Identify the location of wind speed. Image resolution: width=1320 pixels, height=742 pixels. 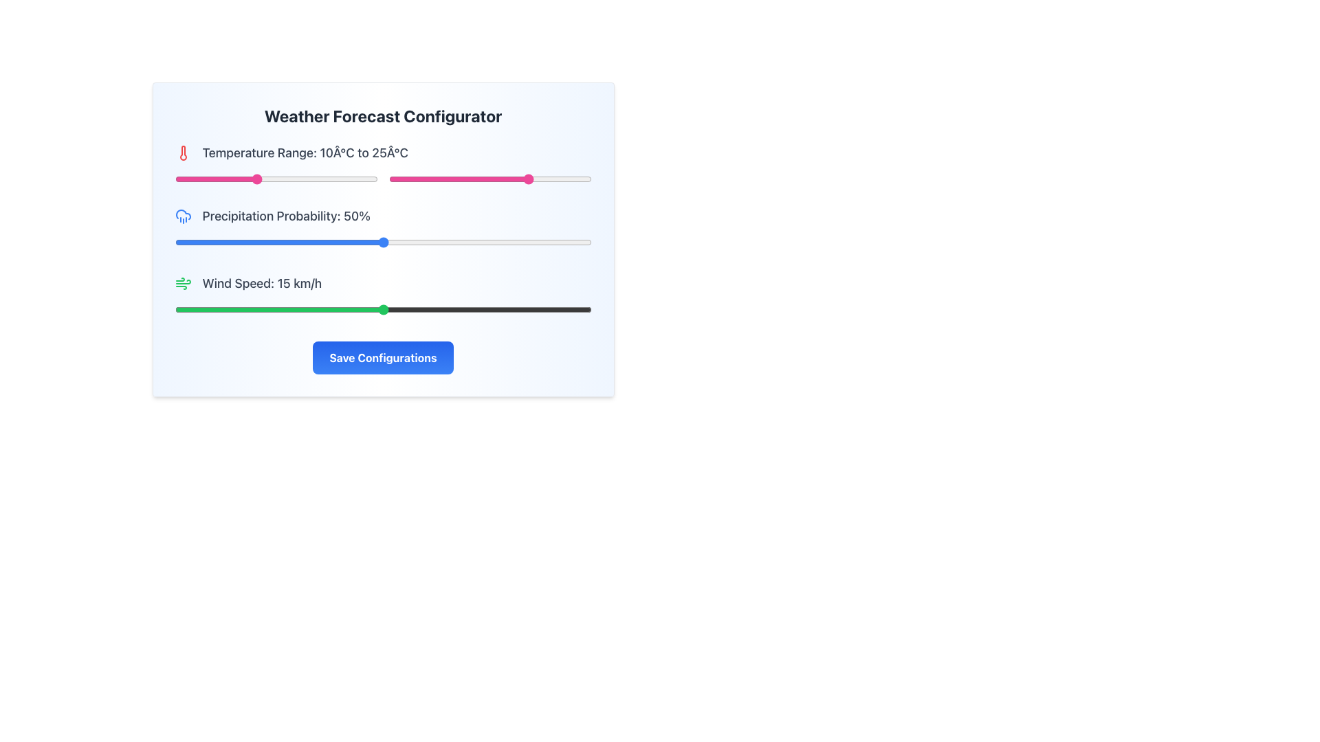
(383, 310).